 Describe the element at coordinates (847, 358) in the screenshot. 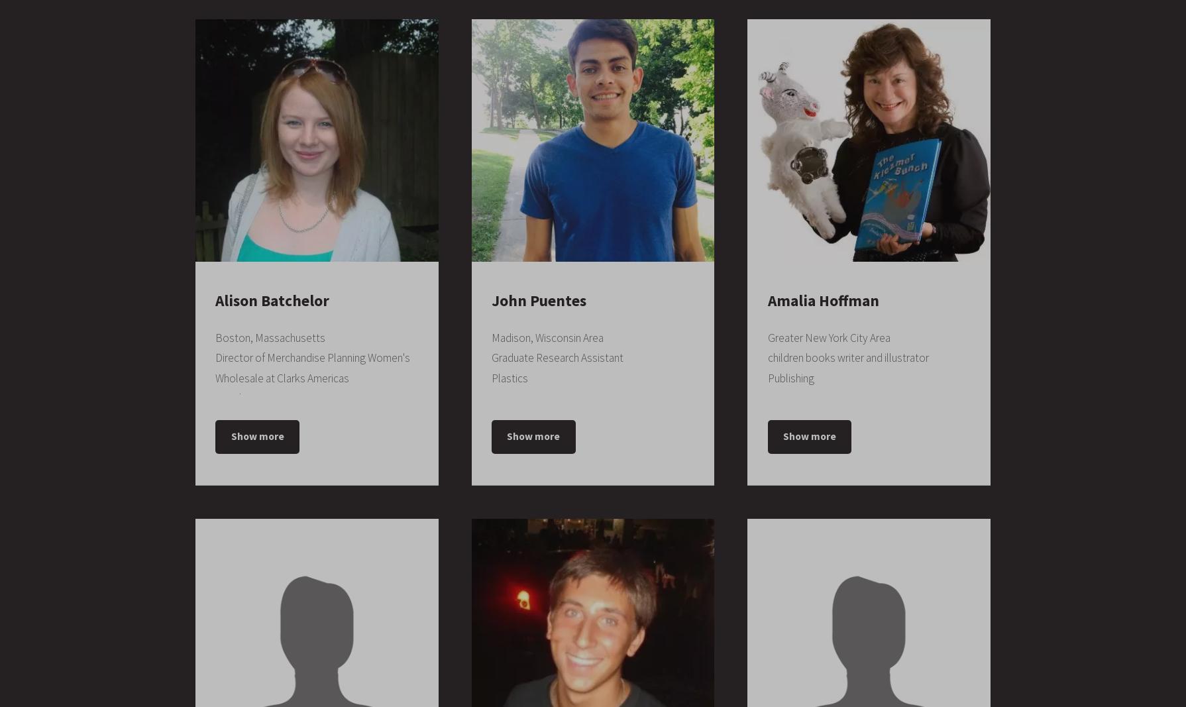

I see `'children books writer and illustrator'` at that location.